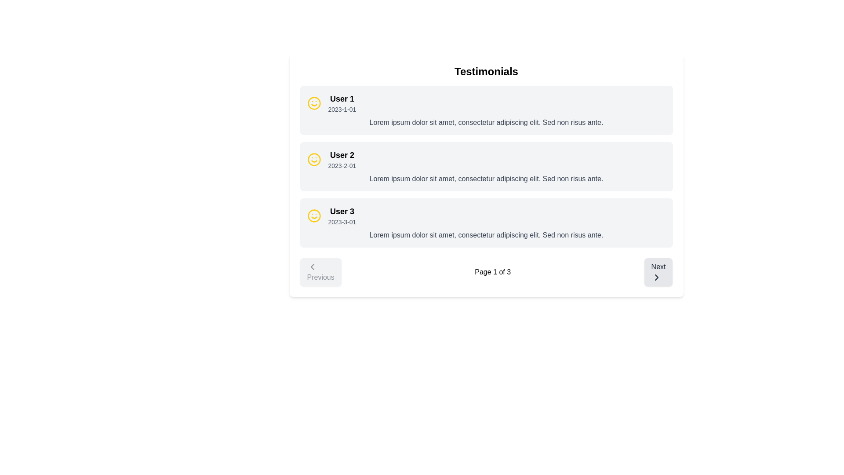  I want to click on the leftmost button located at the bottom of the testimonials section, so click(320, 271).